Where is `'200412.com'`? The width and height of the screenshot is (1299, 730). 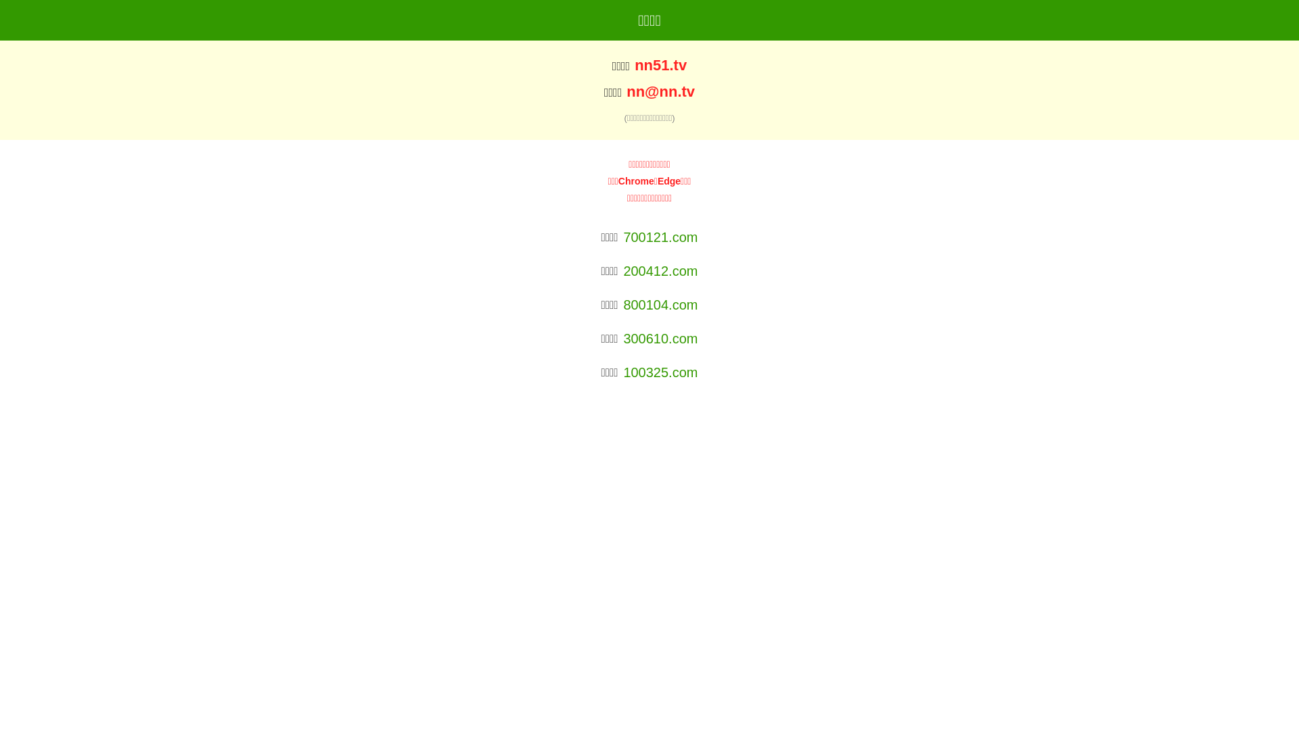
'200412.com' is located at coordinates (660, 271).